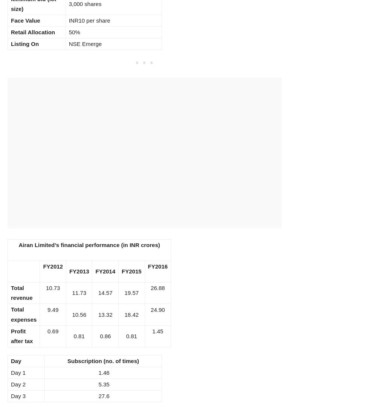 The image size is (373, 403). Describe the element at coordinates (105, 336) in the screenshot. I see `'0.86'` at that location.